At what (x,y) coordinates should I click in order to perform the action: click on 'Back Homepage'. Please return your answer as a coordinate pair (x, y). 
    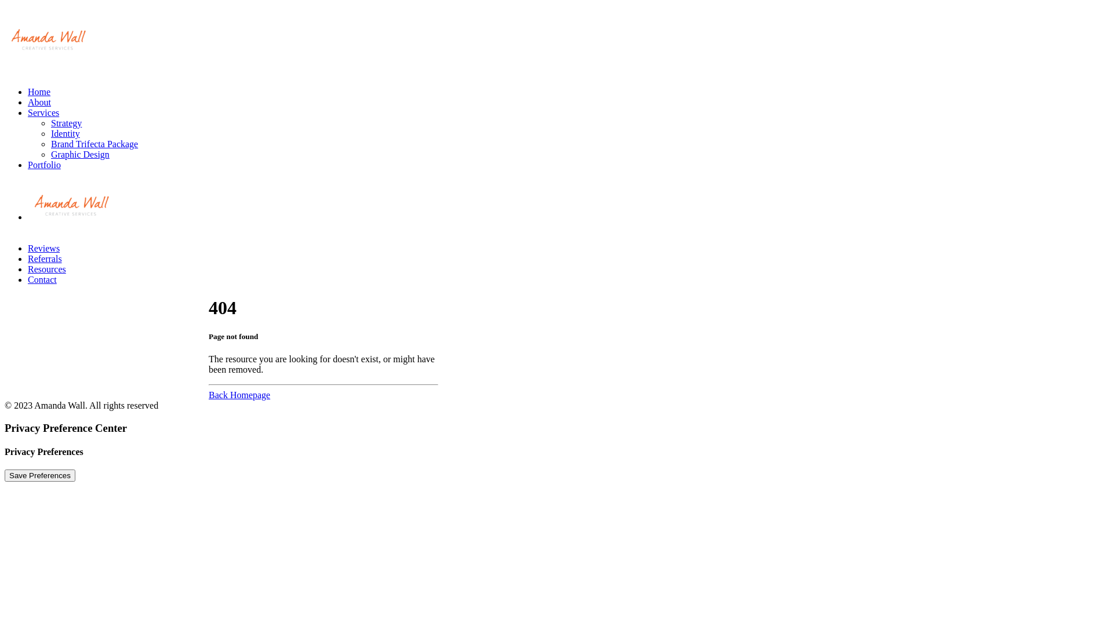
    Looking at the image, I should click on (238, 394).